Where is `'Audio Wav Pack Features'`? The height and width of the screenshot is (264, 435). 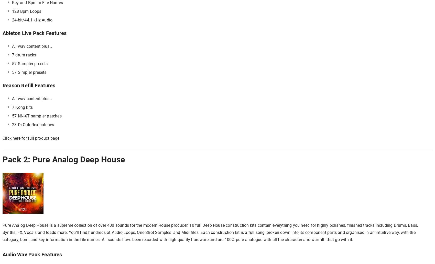
'Audio Wav Pack Features' is located at coordinates (32, 254).